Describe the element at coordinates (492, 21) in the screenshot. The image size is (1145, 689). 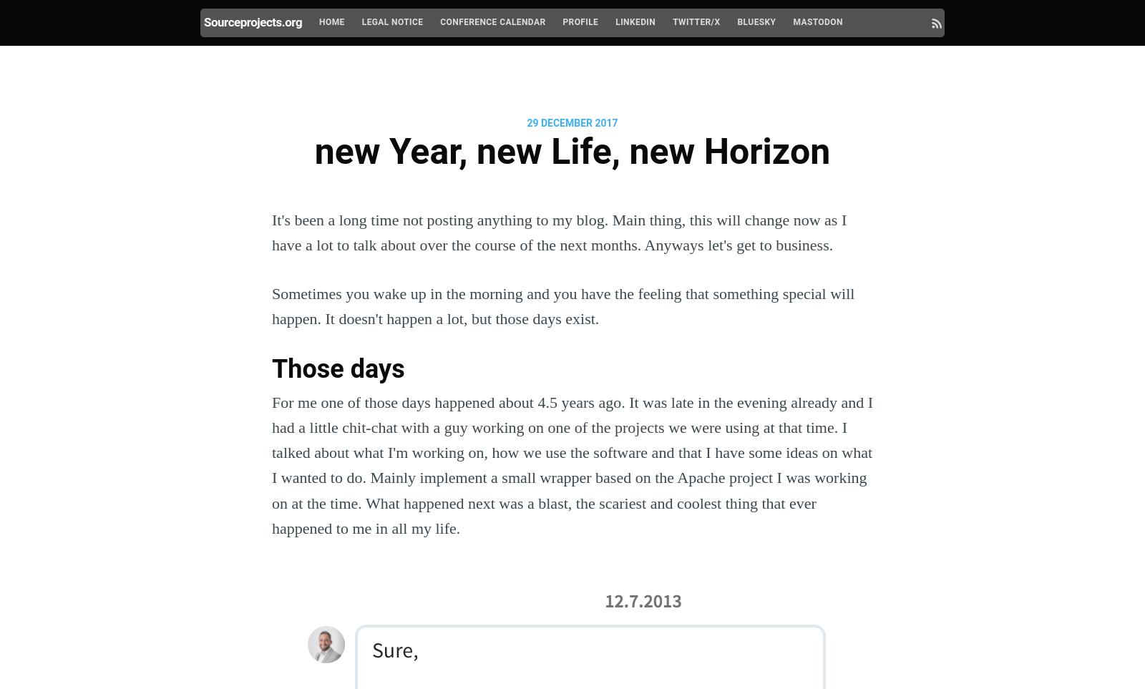
I see `'Conference Calendar'` at that location.